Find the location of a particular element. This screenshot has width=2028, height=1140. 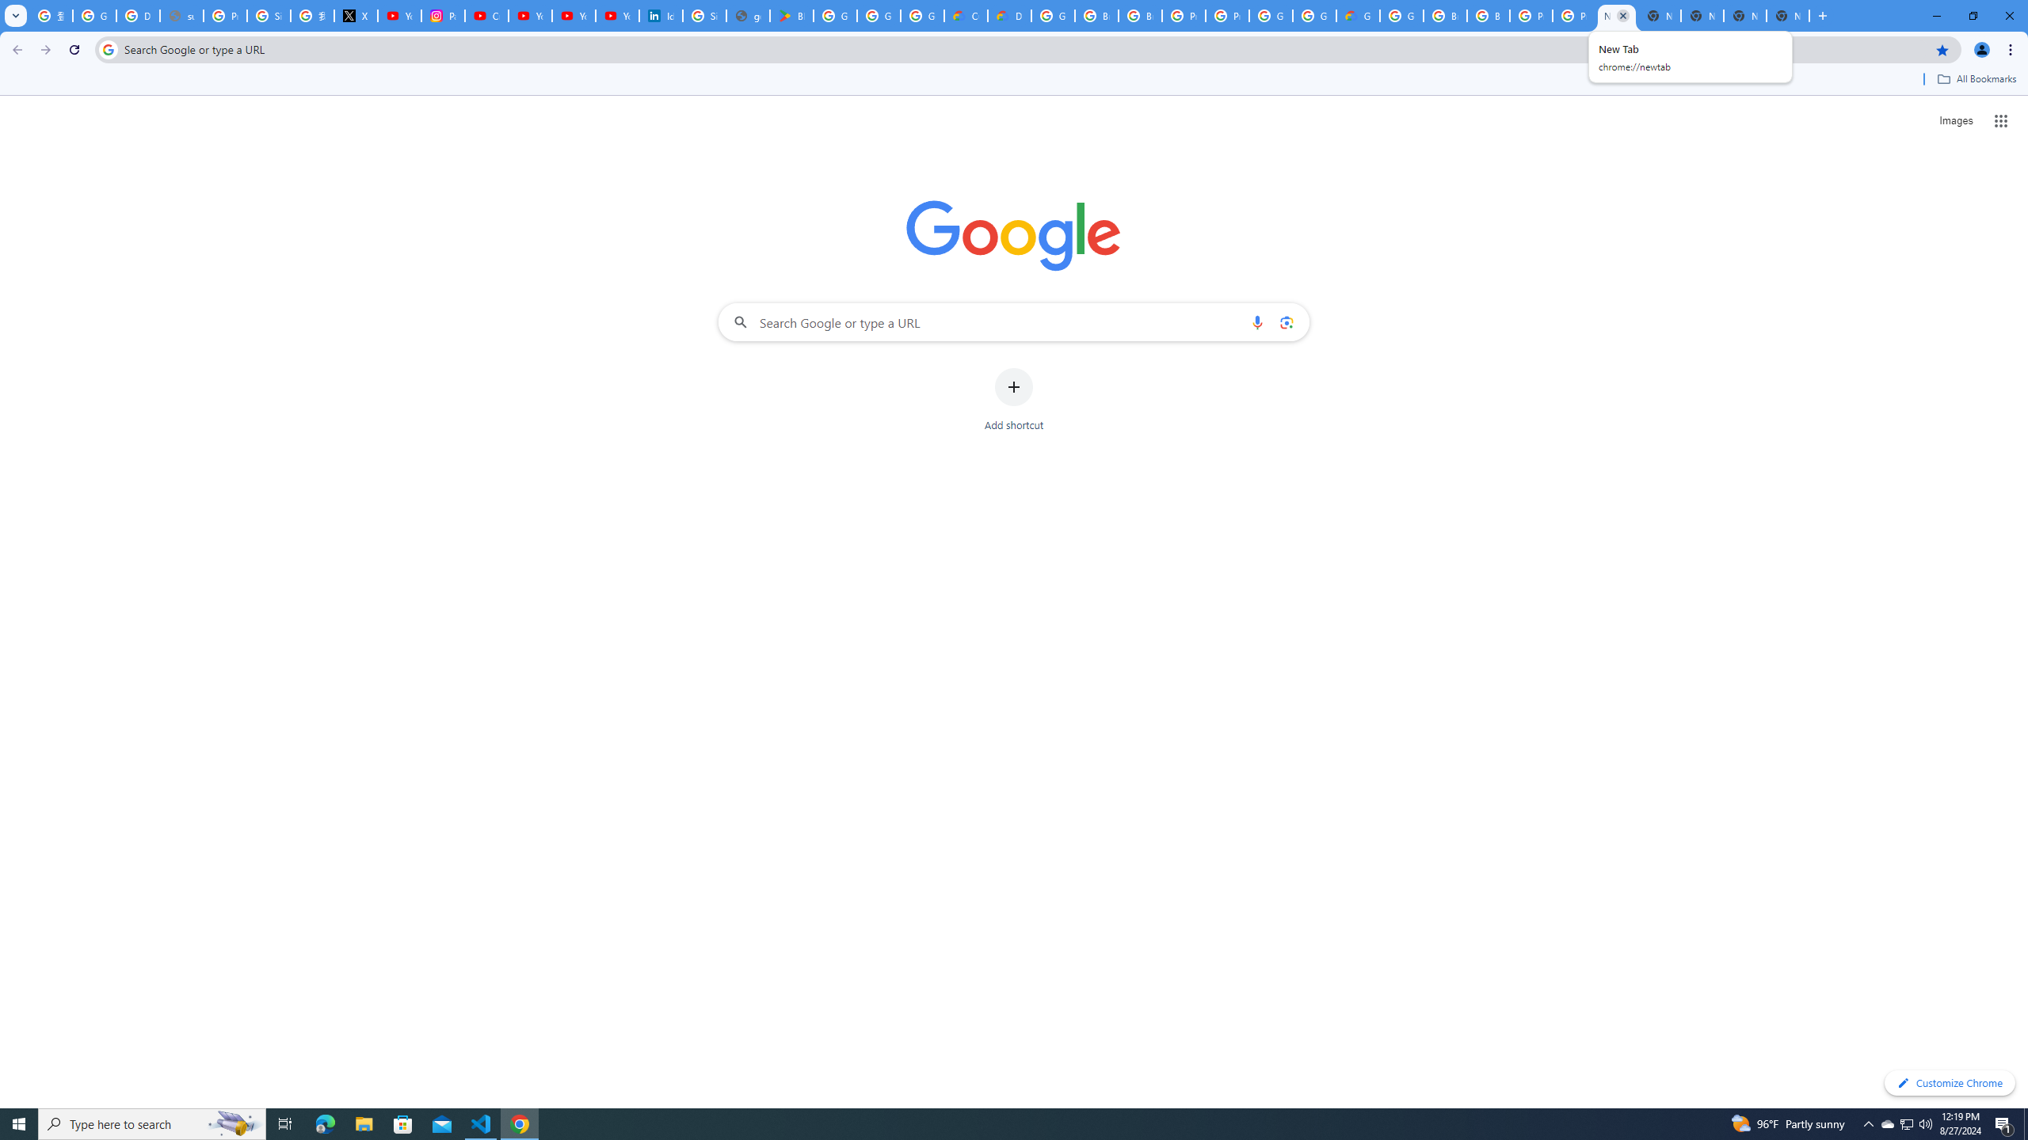

'X' is located at coordinates (355, 15).